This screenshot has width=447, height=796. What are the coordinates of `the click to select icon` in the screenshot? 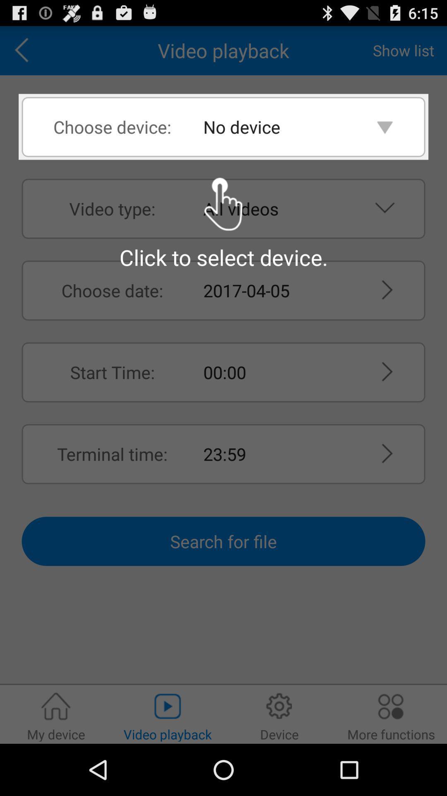 It's located at (223, 204).